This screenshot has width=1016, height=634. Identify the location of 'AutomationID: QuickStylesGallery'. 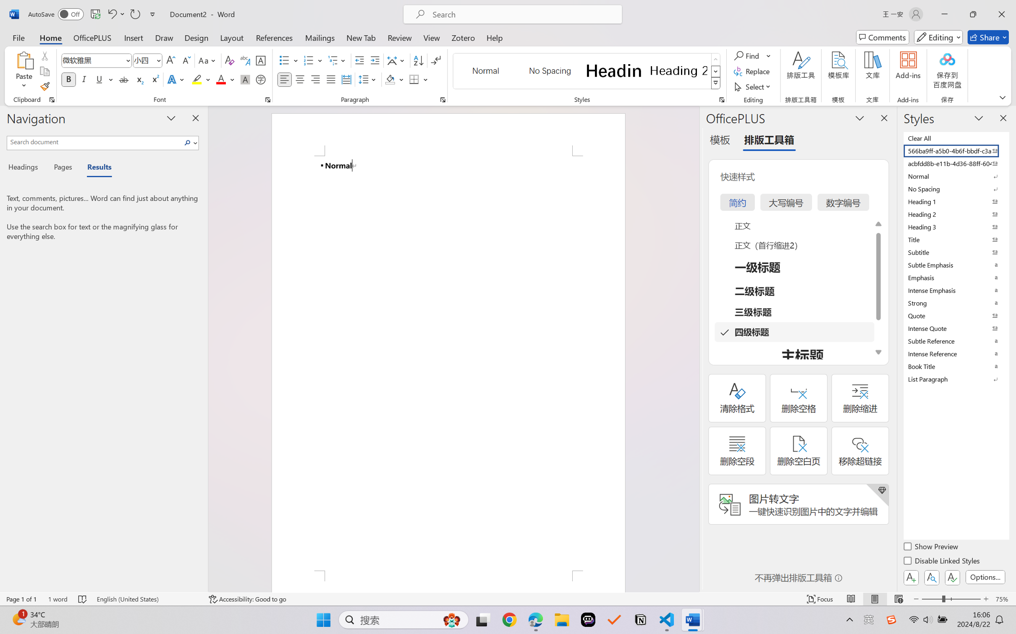
(587, 71).